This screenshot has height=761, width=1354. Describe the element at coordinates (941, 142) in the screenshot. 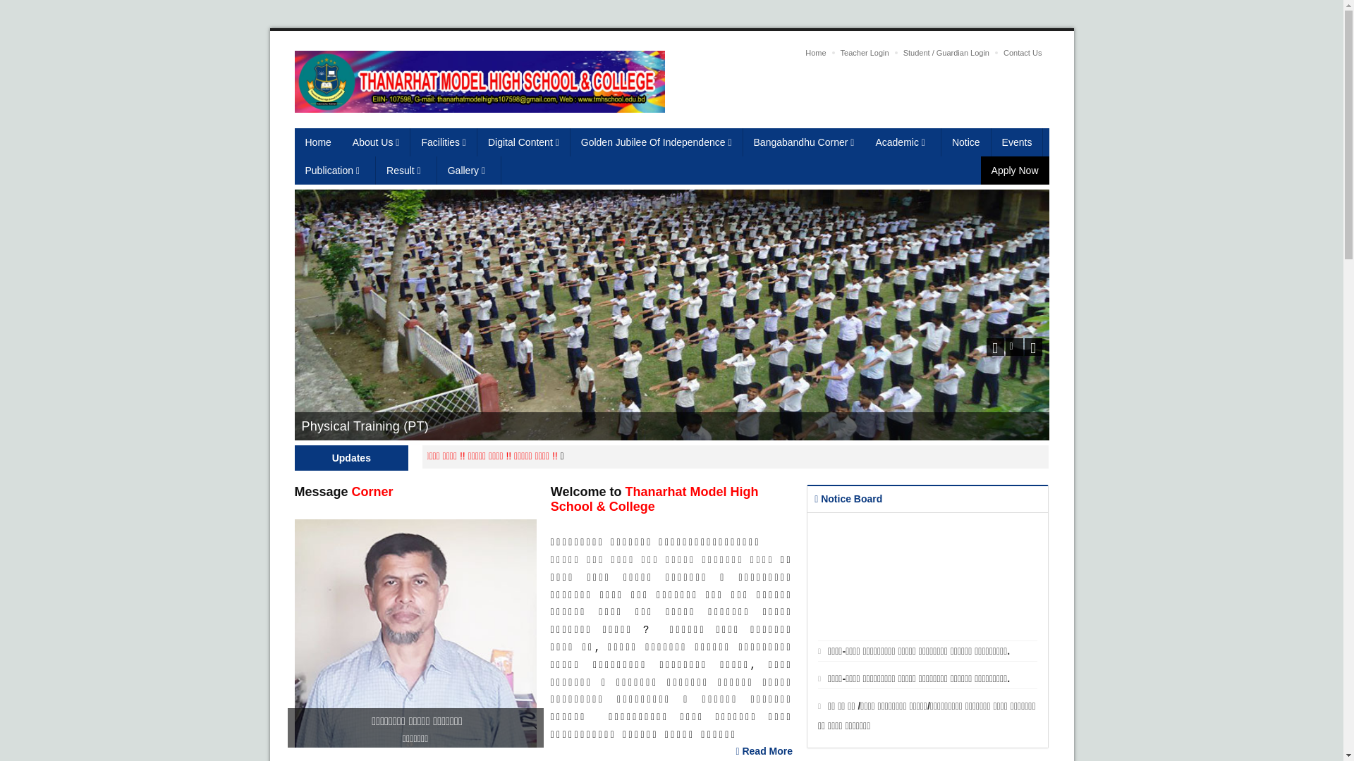

I see `'Notice'` at that location.